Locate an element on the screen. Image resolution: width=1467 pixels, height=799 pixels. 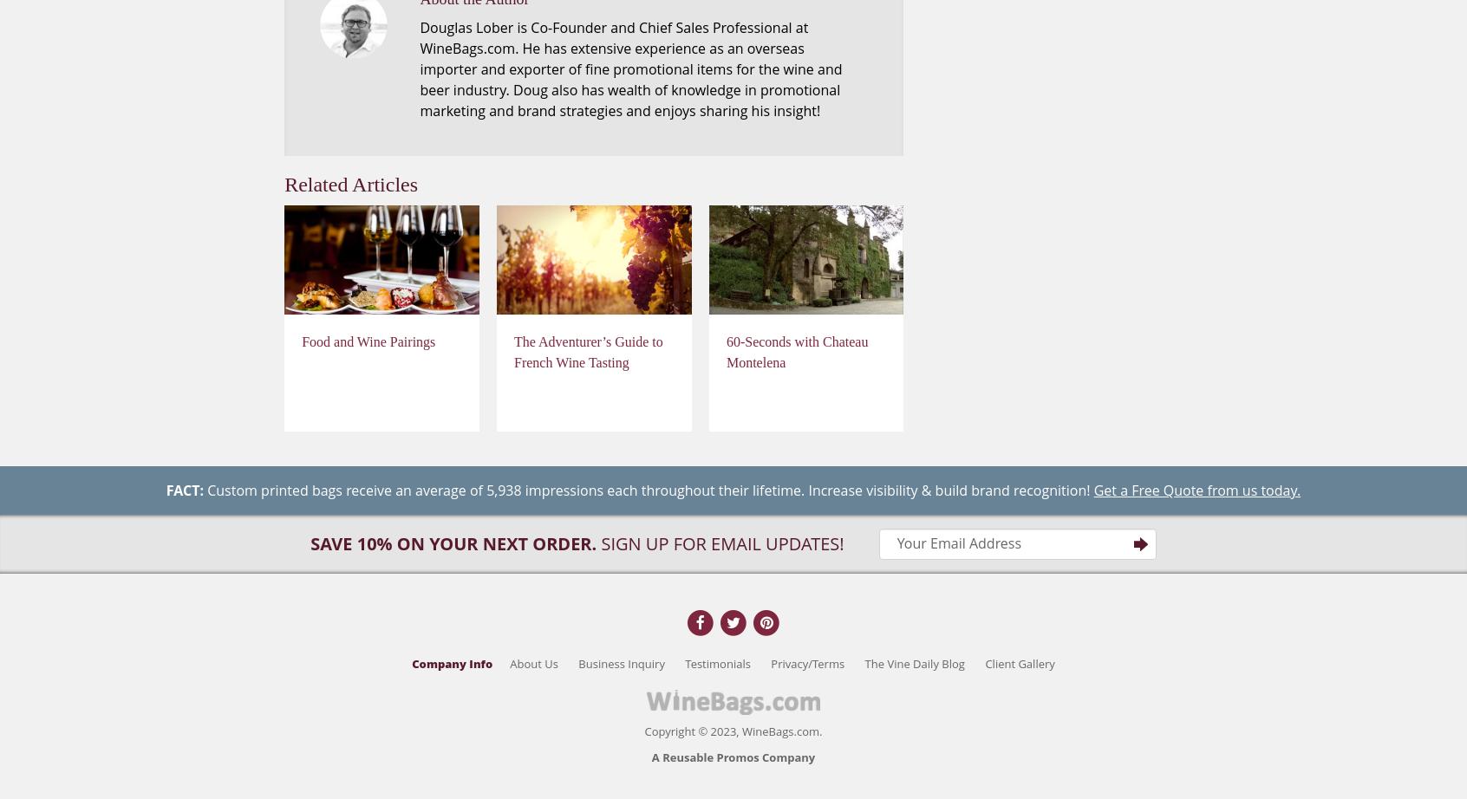
'Copyright © 2023, WineBags.com.' is located at coordinates (733, 730).